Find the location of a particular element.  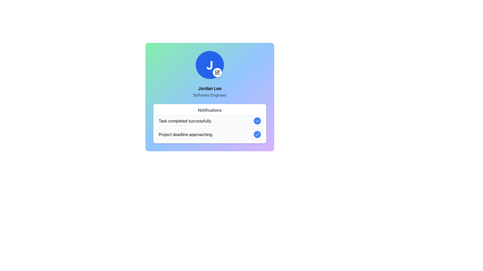

the blue checkmark icon with a white check symbol to acknowledge the notification regarding 'Project deadline approaching.' is located at coordinates (257, 121).